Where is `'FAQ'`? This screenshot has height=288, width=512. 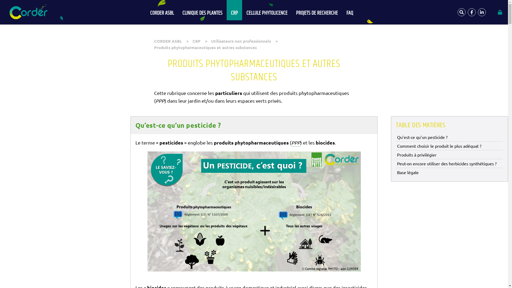 'FAQ' is located at coordinates (350, 10).